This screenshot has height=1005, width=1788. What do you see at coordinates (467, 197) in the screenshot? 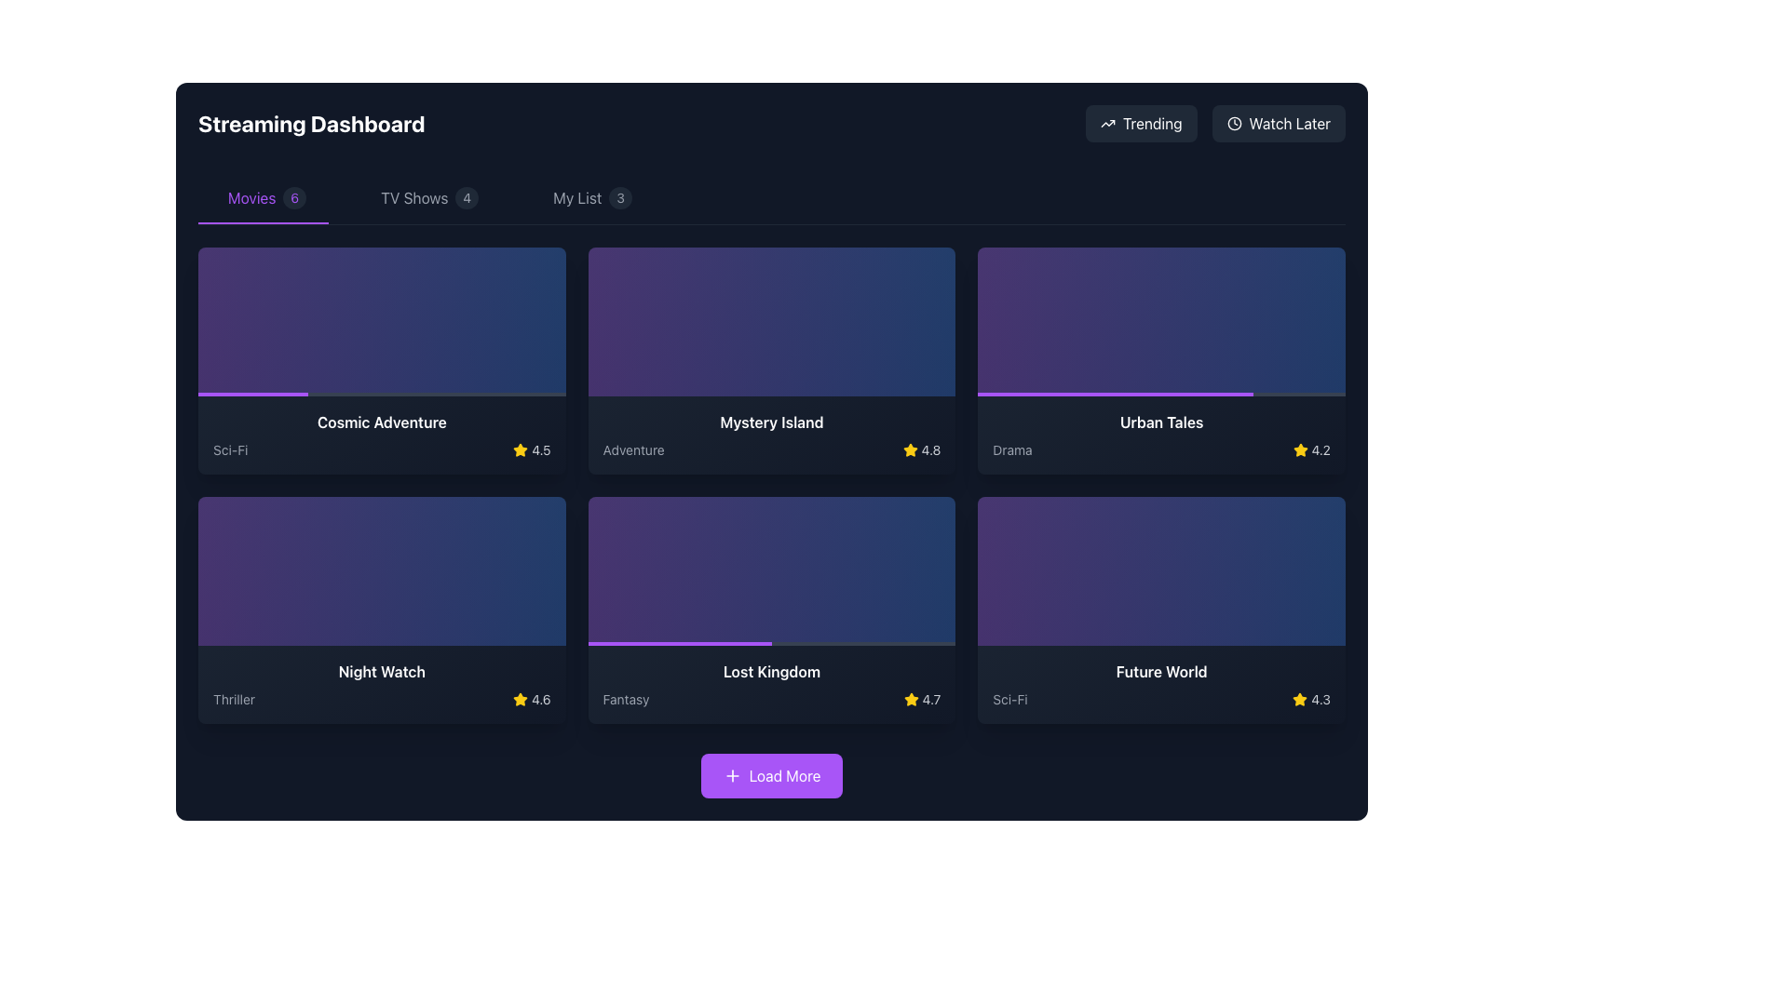
I see `the numerical indicator badge displaying the number '4', which is located to the right of the 'TV Shows' text in the navigation bar` at bounding box center [467, 197].